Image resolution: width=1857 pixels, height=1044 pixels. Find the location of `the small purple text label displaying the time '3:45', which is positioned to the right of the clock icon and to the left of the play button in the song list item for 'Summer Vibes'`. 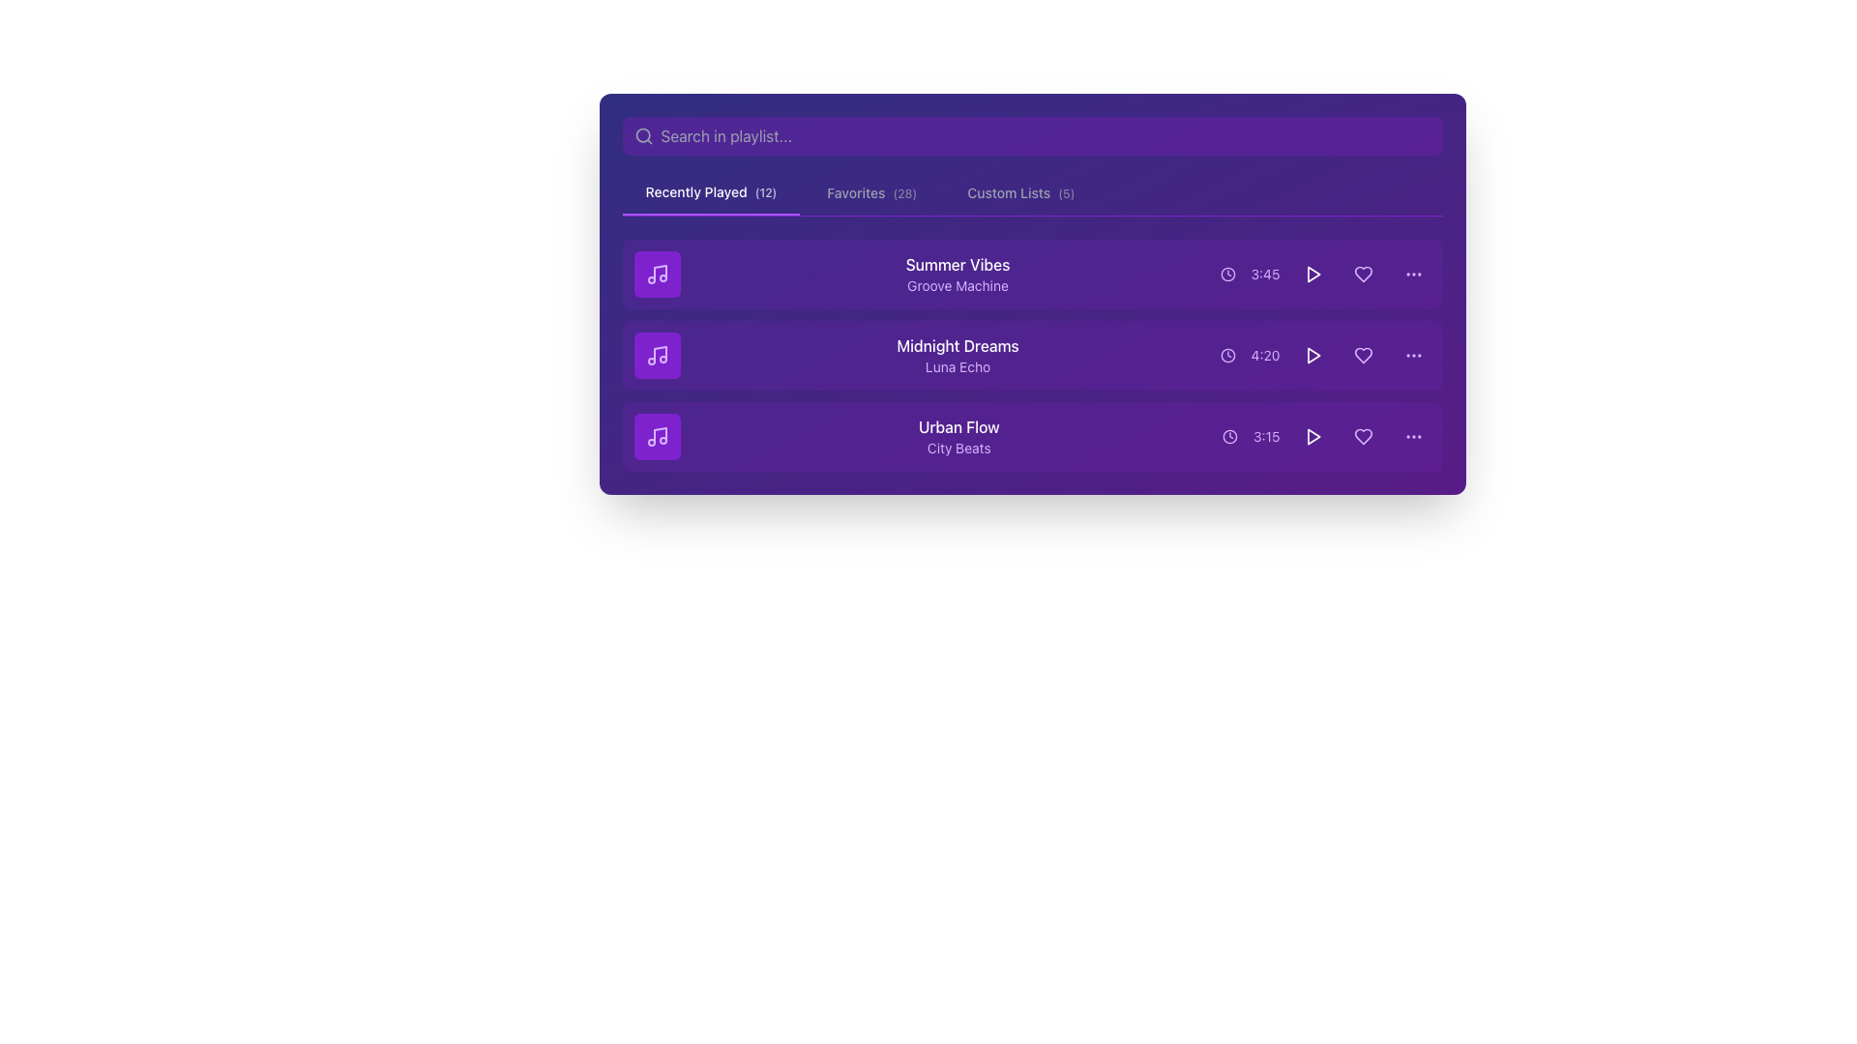

the small purple text label displaying the time '3:45', which is positioned to the right of the clock icon and to the left of the play button in the song list item for 'Summer Vibes' is located at coordinates (1265, 275).